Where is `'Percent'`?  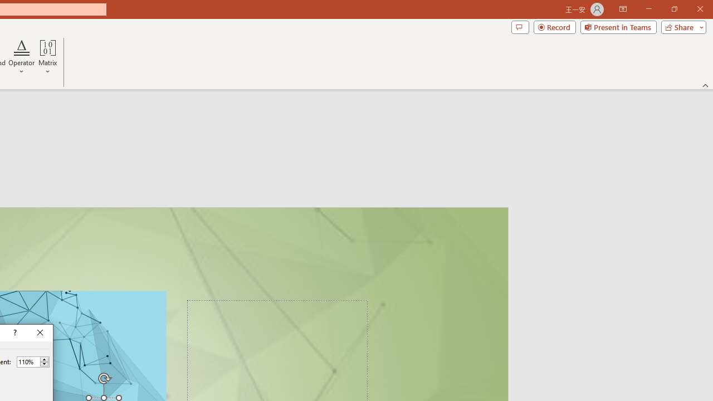
'Percent' is located at coordinates (28, 361).